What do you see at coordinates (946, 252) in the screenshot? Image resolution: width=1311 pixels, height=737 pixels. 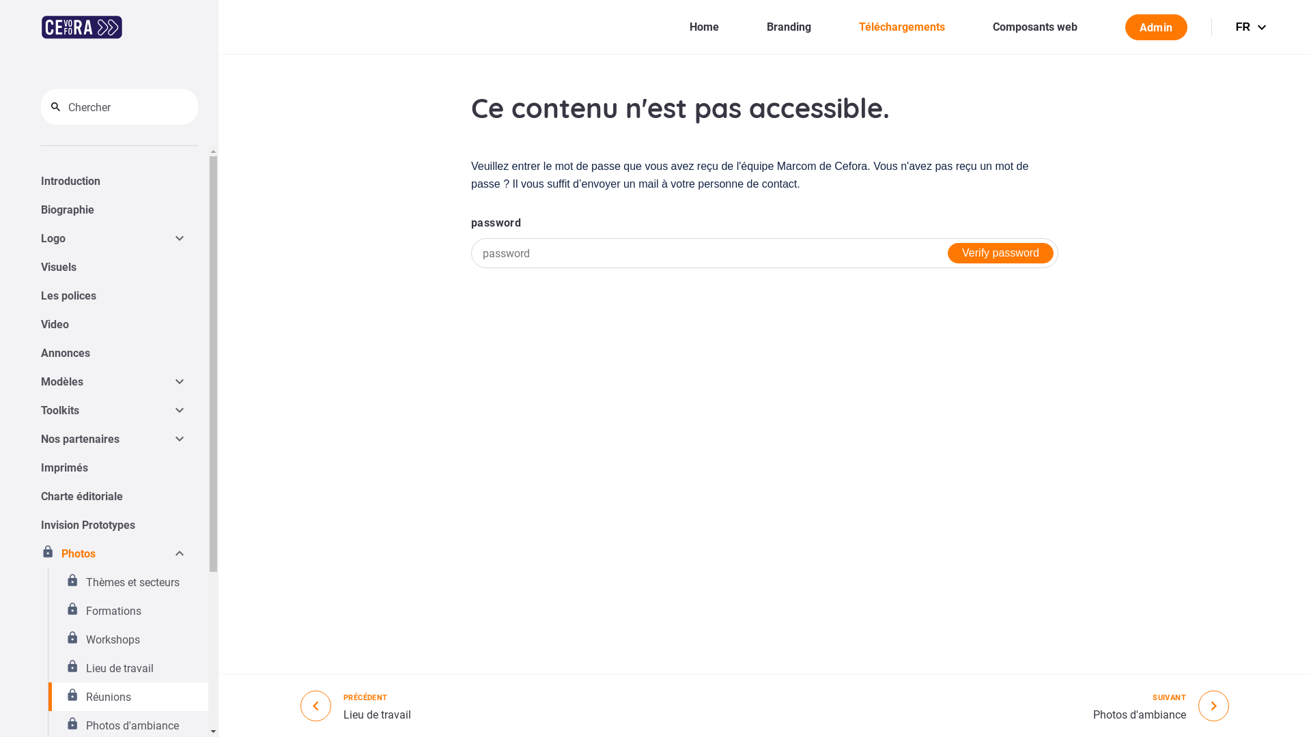 I see `'Verify password'` at bounding box center [946, 252].